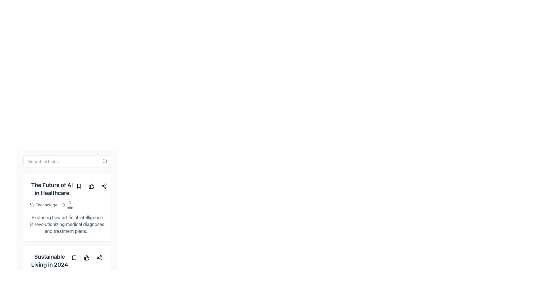 The height and width of the screenshot is (307, 546). What do you see at coordinates (104, 186) in the screenshot?
I see `the circular button with a share icon, which is the third button in a horizontal group located to the right of the thumbs-up button` at bounding box center [104, 186].